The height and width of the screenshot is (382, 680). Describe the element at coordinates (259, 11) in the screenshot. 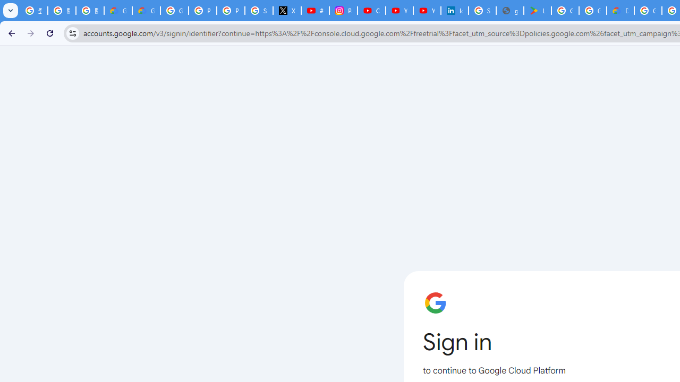

I see `'Sign in - Google Accounts'` at that location.